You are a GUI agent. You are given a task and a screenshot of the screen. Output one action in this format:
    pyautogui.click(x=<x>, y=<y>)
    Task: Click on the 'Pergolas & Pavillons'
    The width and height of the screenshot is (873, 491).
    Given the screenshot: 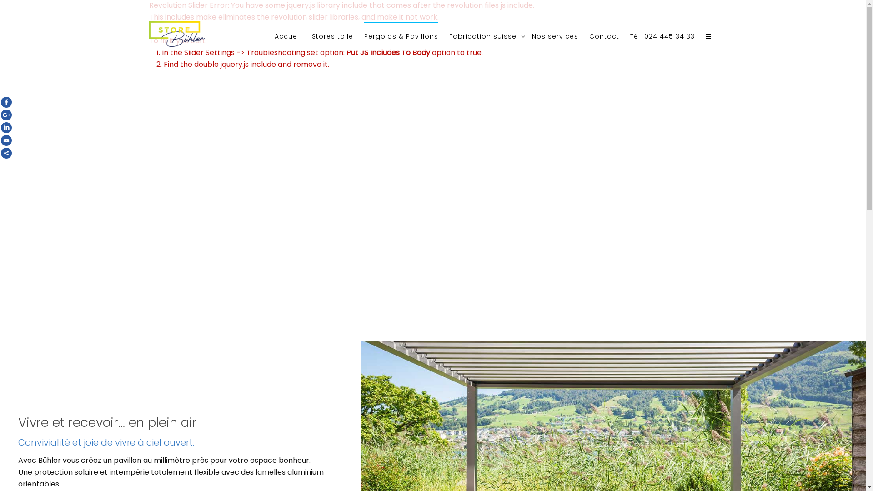 What is the action you would take?
    pyautogui.click(x=364, y=36)
    